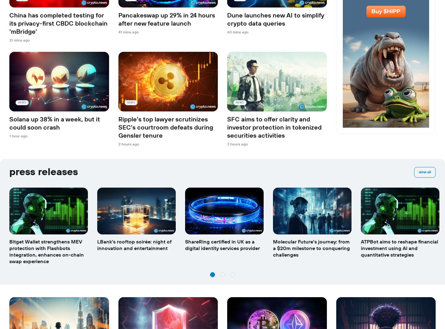 The width and height of the screenshot is (445, 329). I want to click on 'Solana up 38% in a week, but it could soon crash', so click(55, 123).